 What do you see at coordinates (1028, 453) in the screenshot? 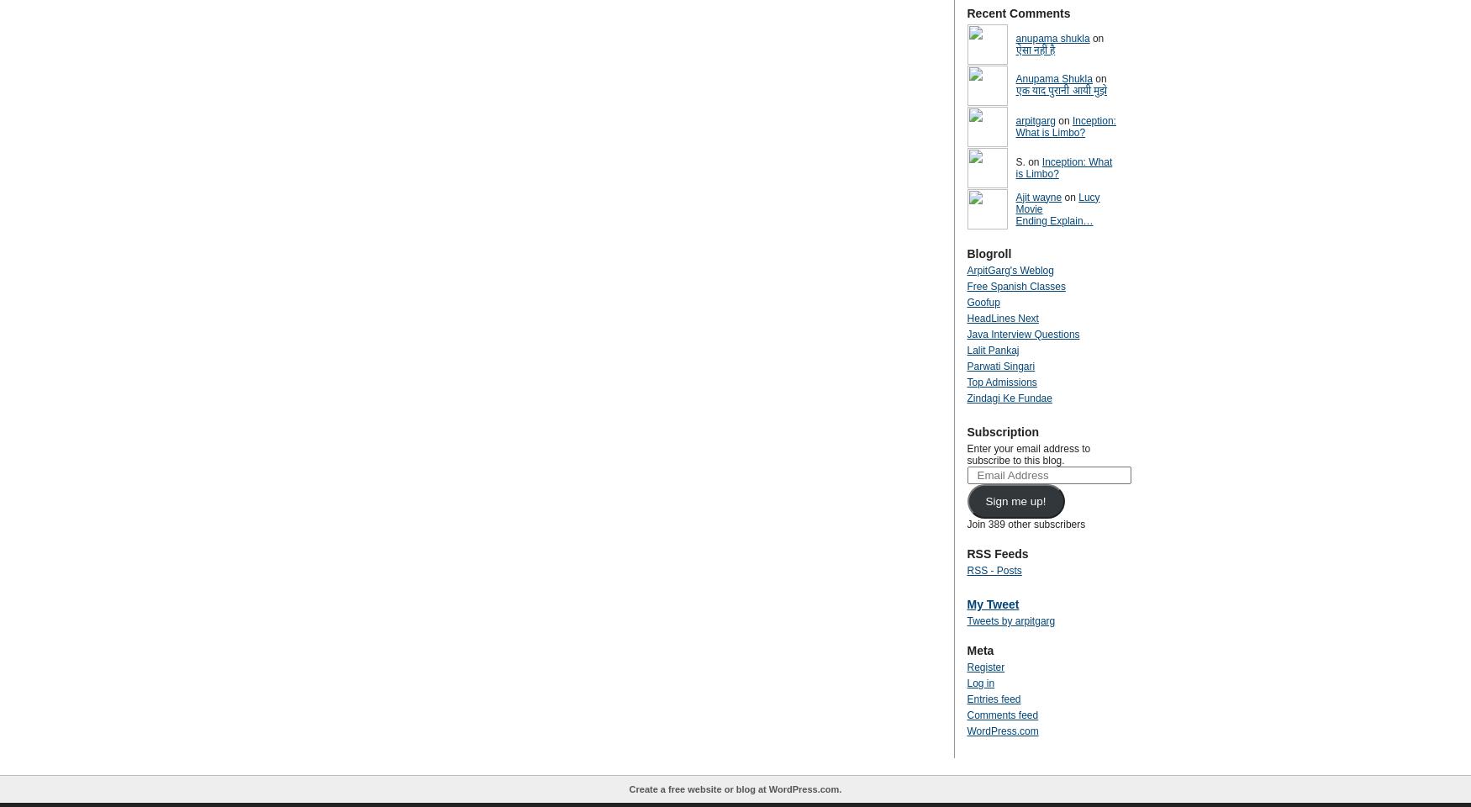
I see `'Enter your email address to subscribe to this blog.'` at bounding box center [1028, 453].